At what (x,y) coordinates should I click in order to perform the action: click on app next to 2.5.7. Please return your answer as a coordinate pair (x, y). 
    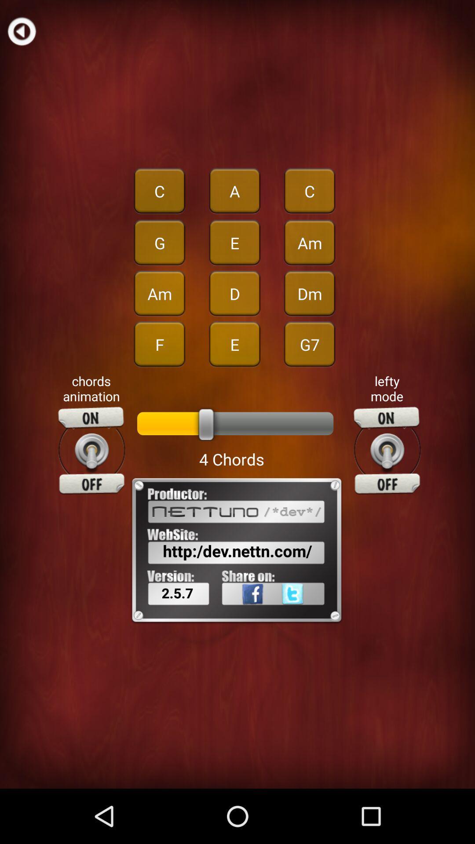
    Looking at the image, I should click on (306, 613).